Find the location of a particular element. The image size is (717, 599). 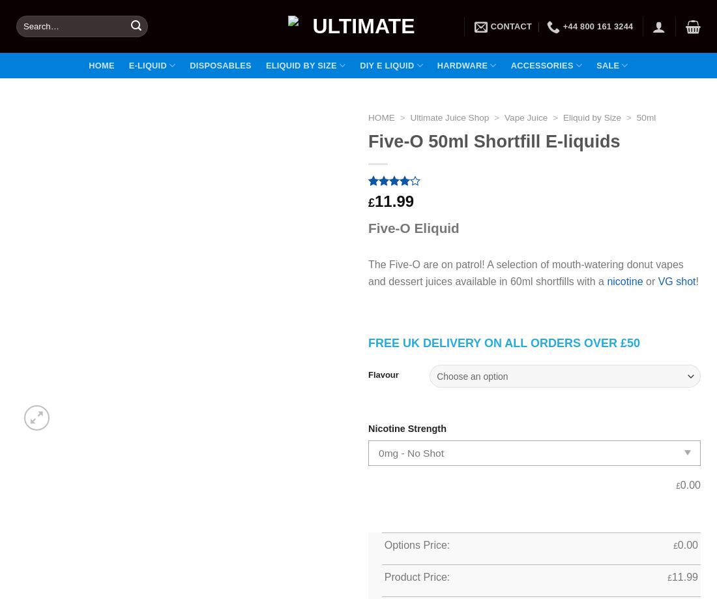

'50ml' is located at coordinates (645, 117).